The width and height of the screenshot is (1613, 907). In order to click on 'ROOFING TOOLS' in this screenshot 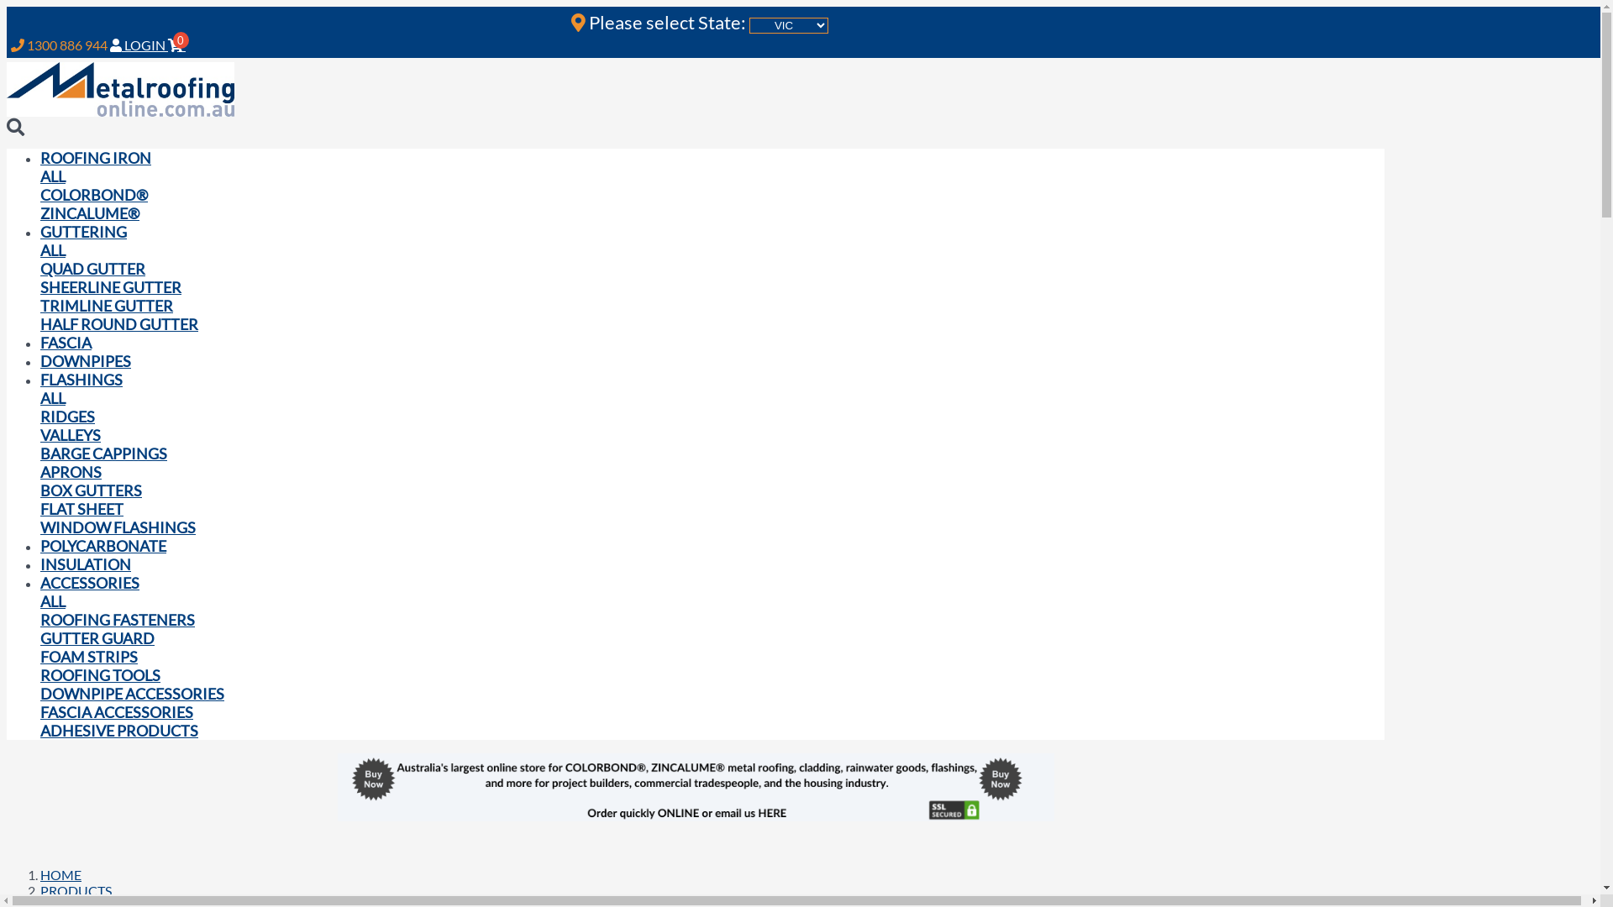, I will do `click(99, 674)`.